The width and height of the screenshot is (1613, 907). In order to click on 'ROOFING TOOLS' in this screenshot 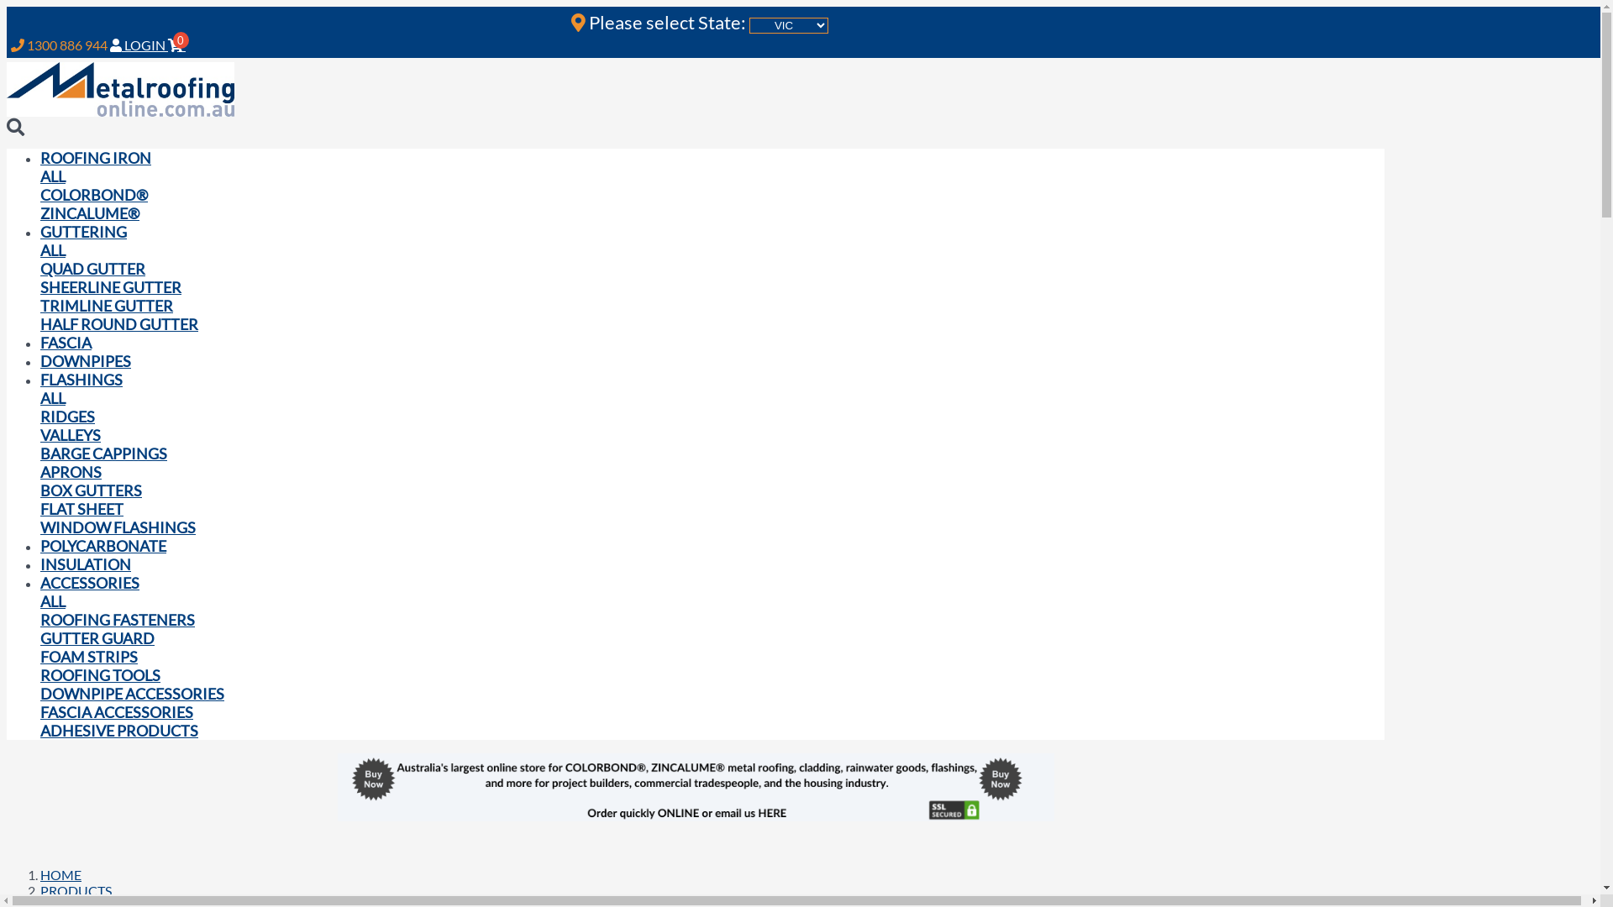, I will do `click(99, 674)`.